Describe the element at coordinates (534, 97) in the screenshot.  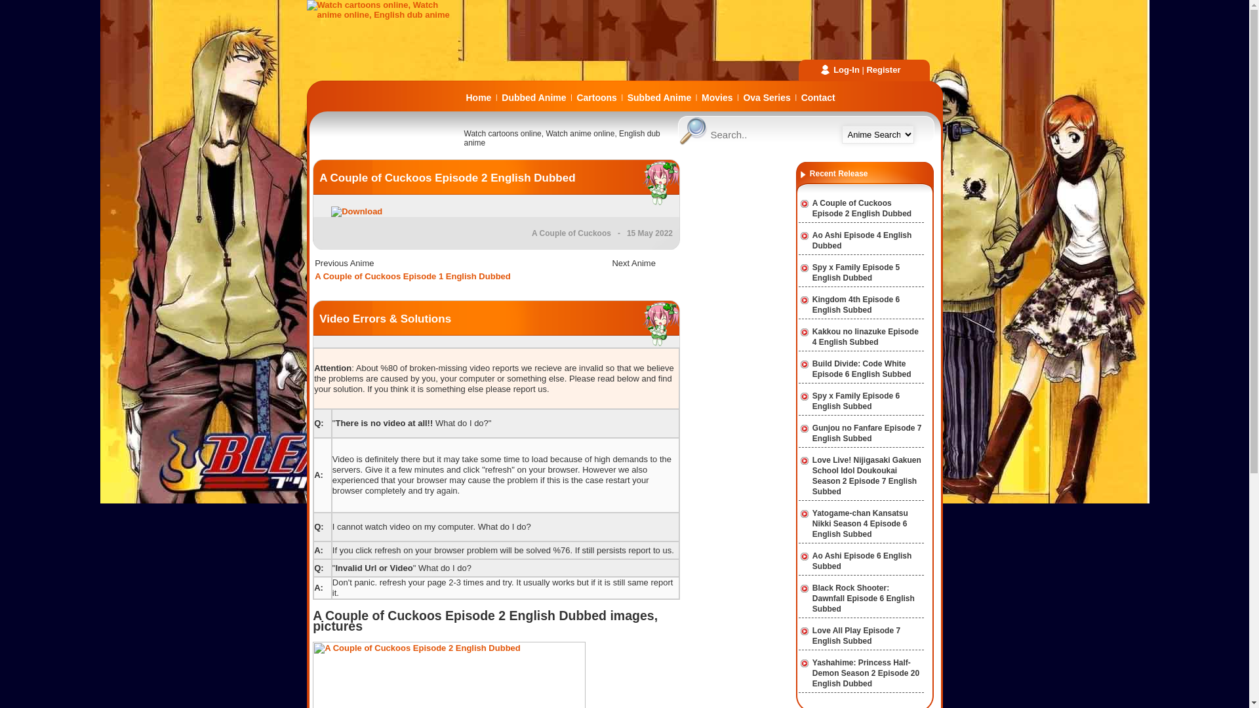
I see `'Dubbed Anime'` at that location.